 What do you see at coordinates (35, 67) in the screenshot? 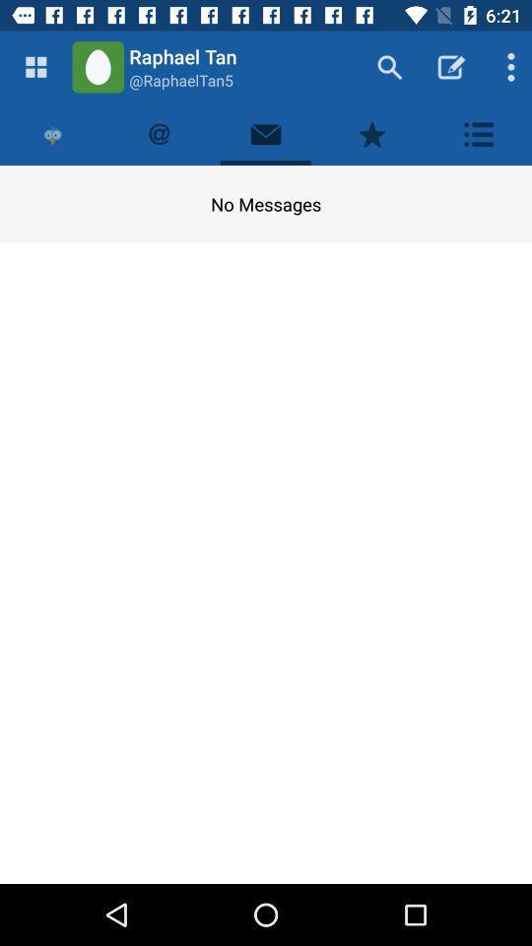
I see `apps of the view` at bounding box center [35, 67].